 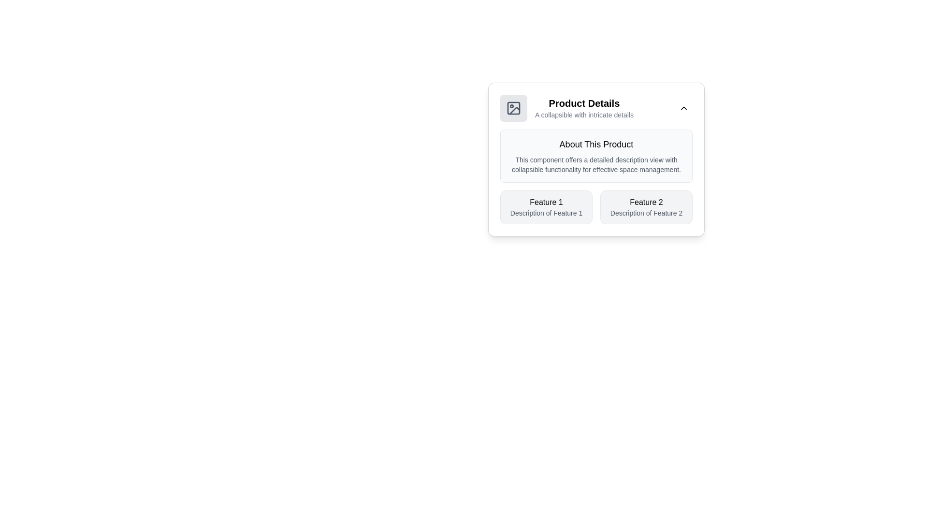 I want to click on the Card located in the first column below 'About This Product', adjacent to 'Feature 2', so click(x=546, y=206).